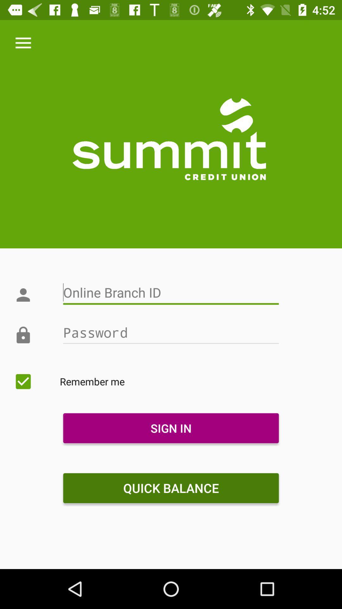  Describe the element at coordinates (171, 488) in the screenshot. I see `quick balance icon` at that location.